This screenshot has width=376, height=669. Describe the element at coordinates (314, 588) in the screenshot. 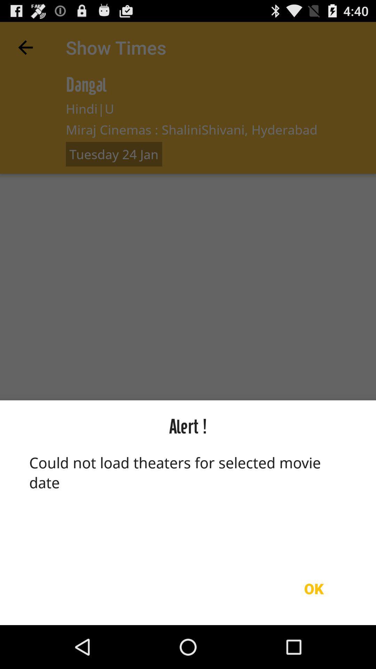

I see `icon below could not load icon` at that location.